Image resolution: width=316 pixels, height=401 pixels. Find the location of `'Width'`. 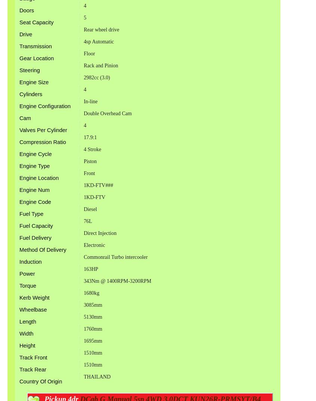

'Width' is located at coordinates (26, 333).